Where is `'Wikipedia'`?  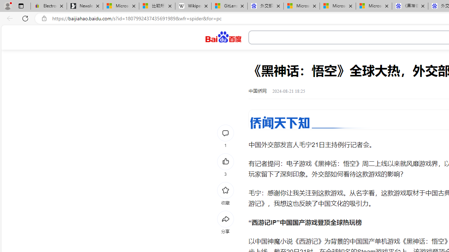
'Wikipedia' is located at coordinates (193, 6).